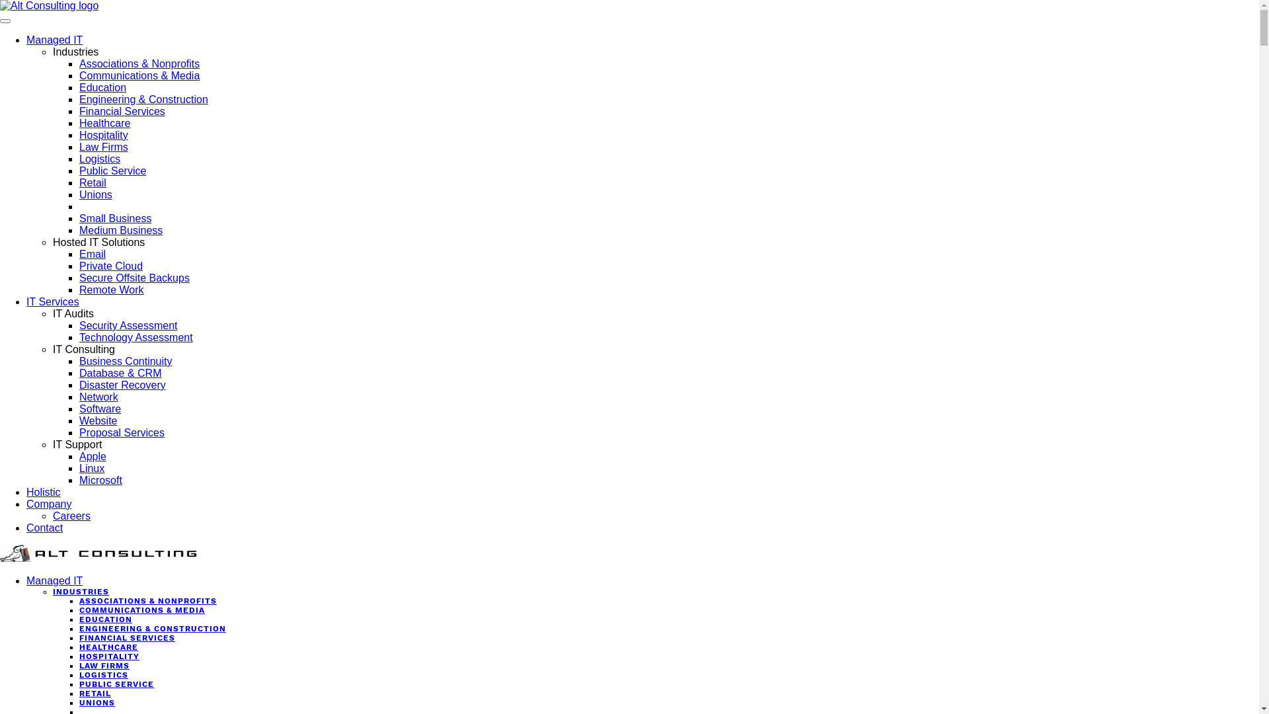  What do you see at coordinates (79, 361) in the screenshot?
I see `'Business Continuity'` at bounding box center [79, 361].